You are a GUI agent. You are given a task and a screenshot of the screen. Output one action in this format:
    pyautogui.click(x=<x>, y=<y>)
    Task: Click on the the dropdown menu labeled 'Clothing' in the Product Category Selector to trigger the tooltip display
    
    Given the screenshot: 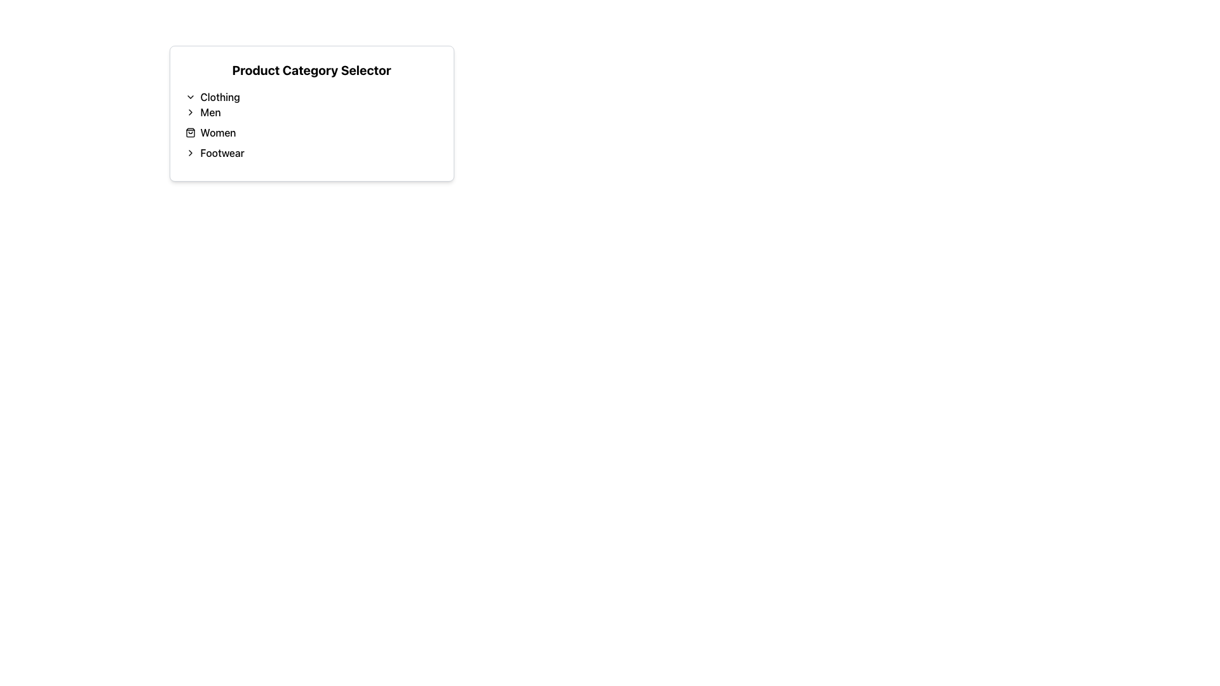 What is the action you would take?
    pyautogui.click(x=311, y=115)
    